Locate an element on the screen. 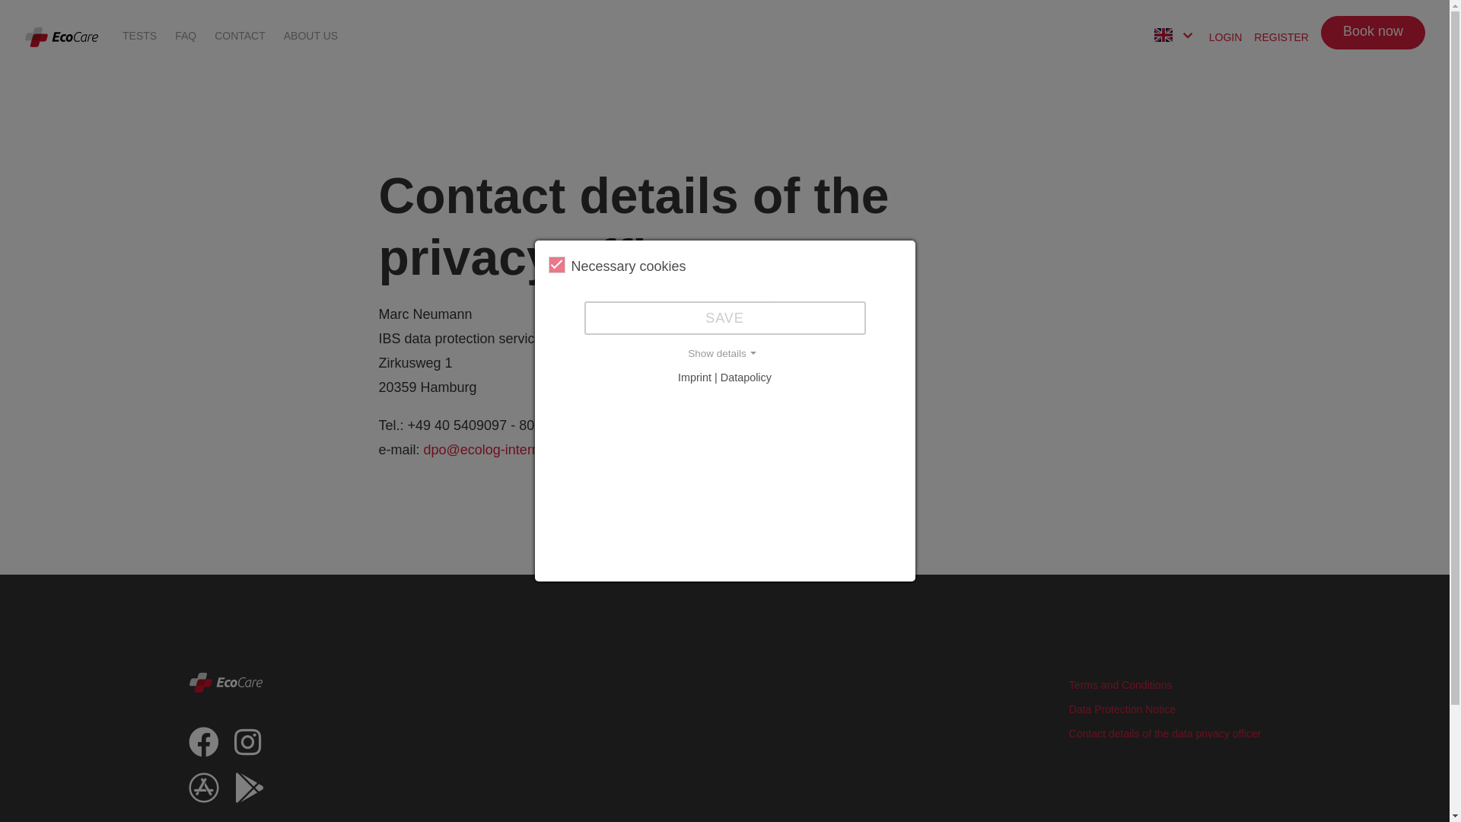 The image size is (1461, 822). 'Data Protection Notice' is located at coordinates (1122, 709).